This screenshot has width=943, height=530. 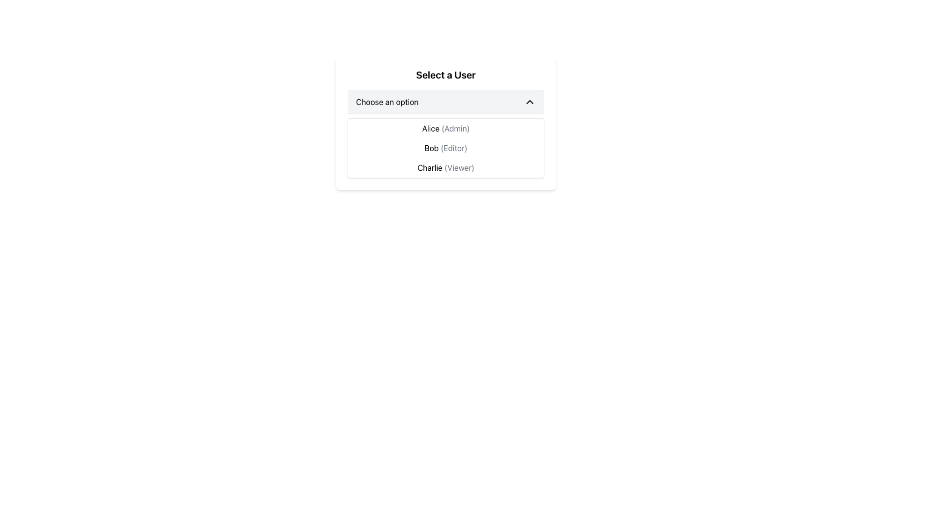 What do you see at coordinates (529, 102) in the screenshot?
I see `the chevron icon at the rightmost end of the 'Choose an option' dropdown menu` at bounding box center [529, 102].